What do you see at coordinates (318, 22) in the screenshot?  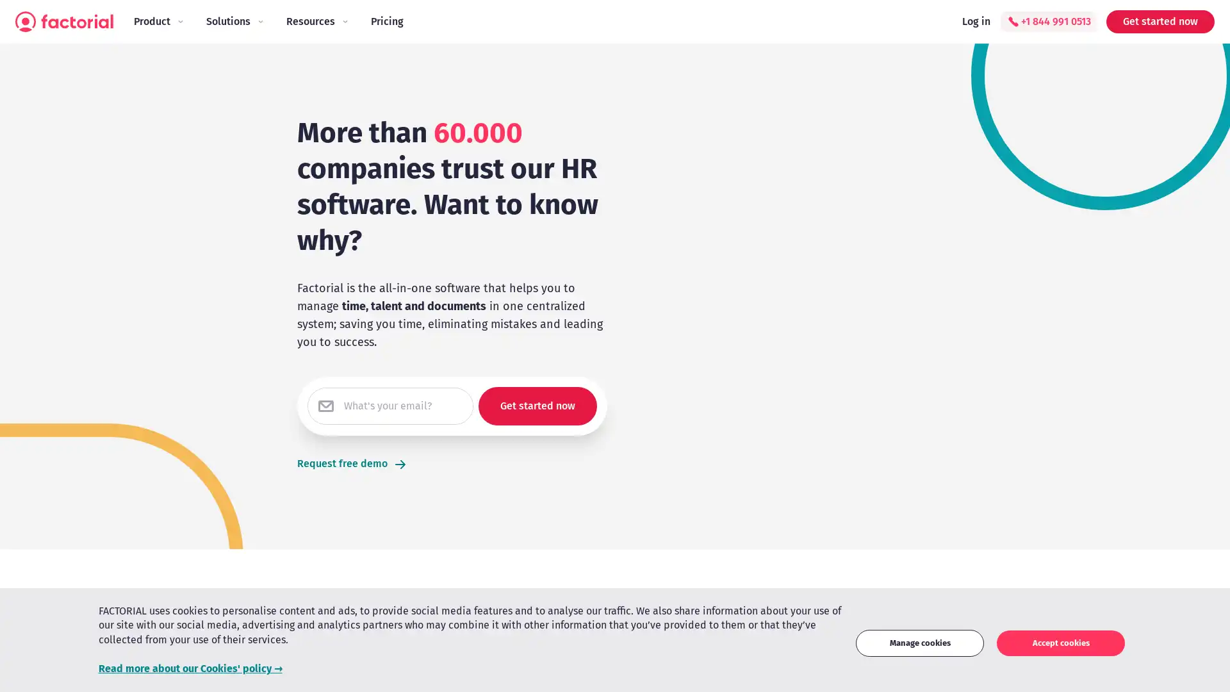 I see `Resources` at bounding box center [318, 22].